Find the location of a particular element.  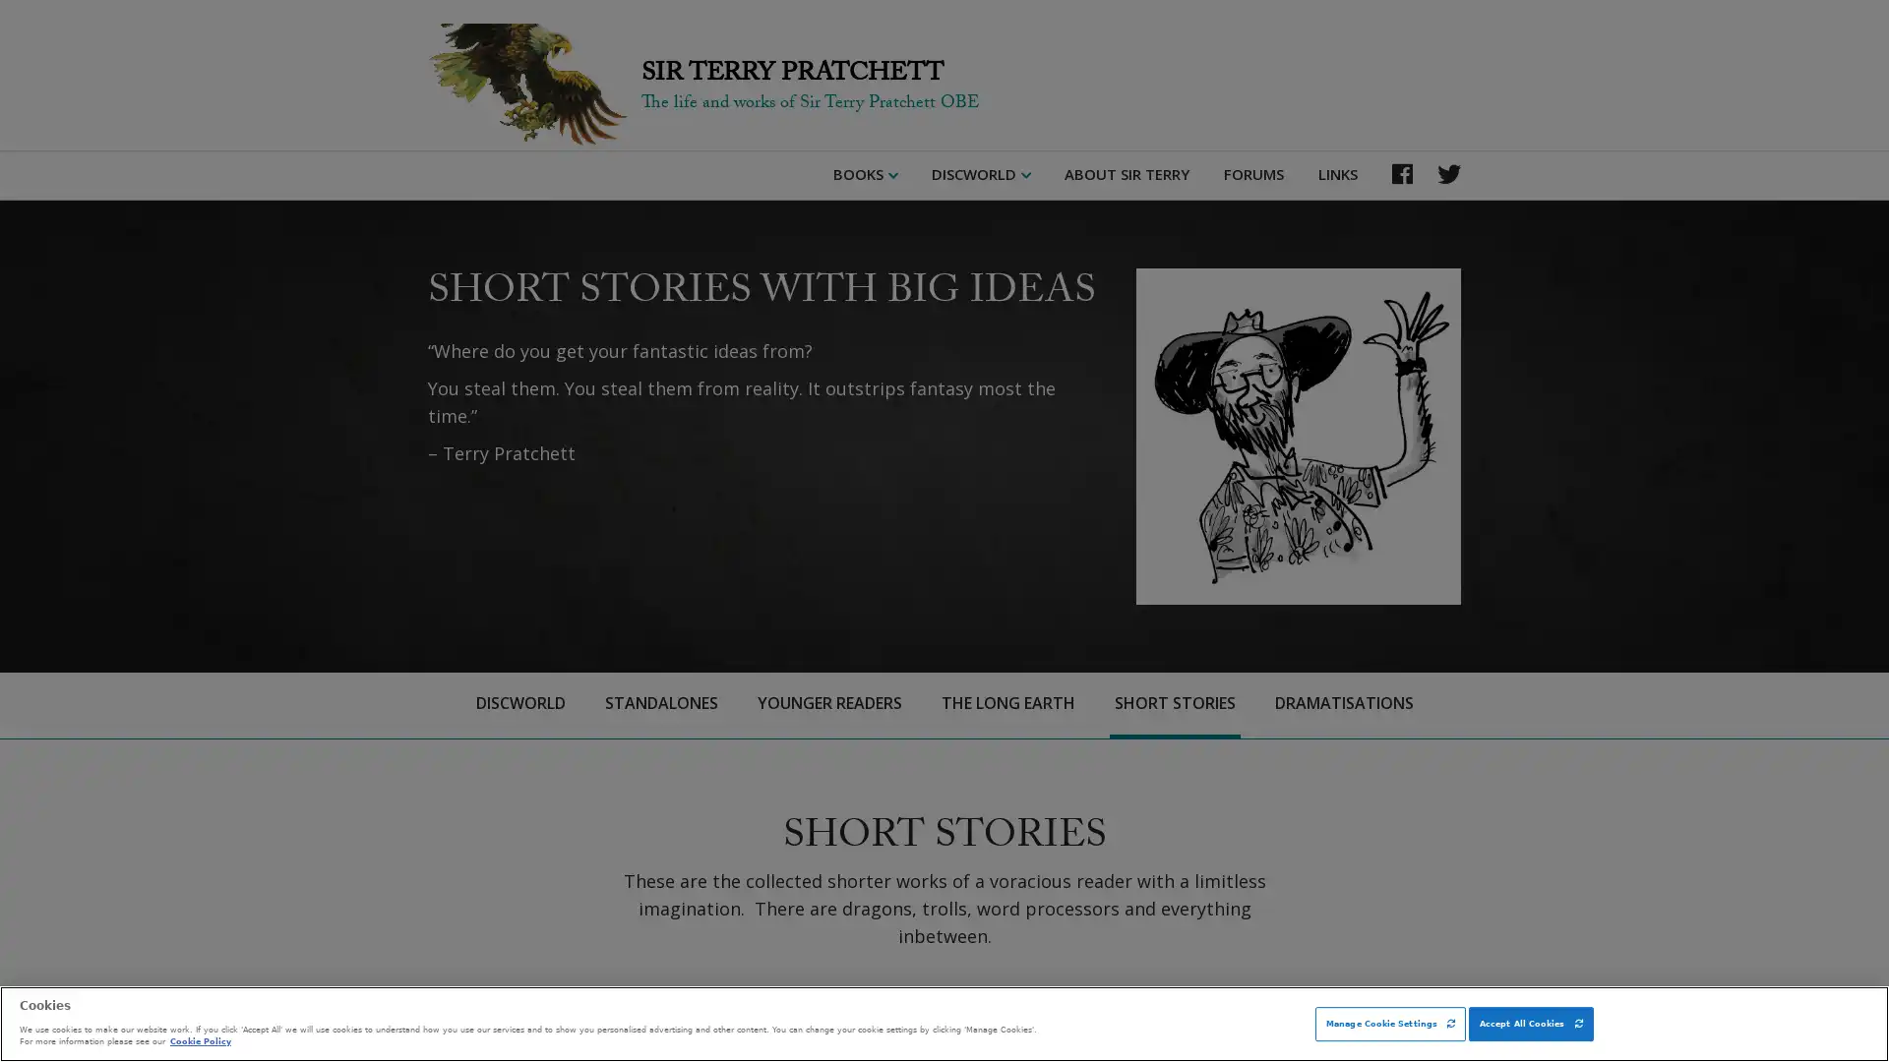

Accept All Cookies is located at coordinates (1529, 1023).